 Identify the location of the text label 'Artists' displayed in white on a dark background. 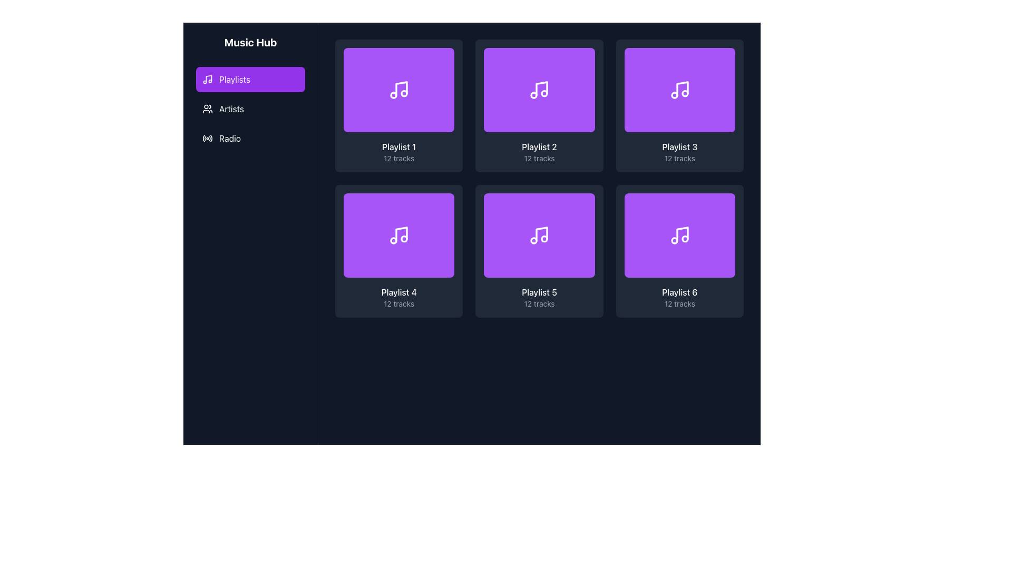
(231, 109).